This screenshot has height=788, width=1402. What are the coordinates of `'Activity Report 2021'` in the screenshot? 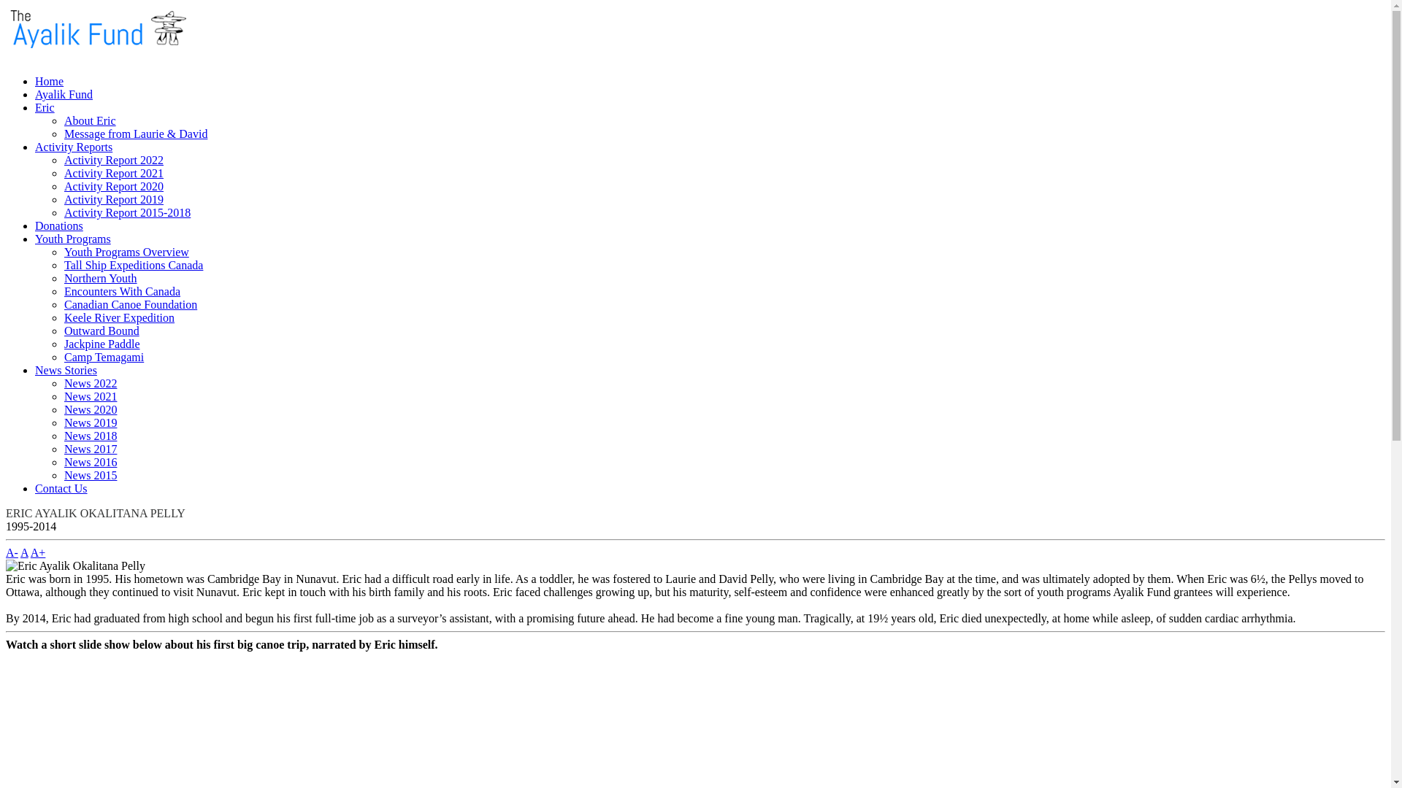 It's located at (113, 172).